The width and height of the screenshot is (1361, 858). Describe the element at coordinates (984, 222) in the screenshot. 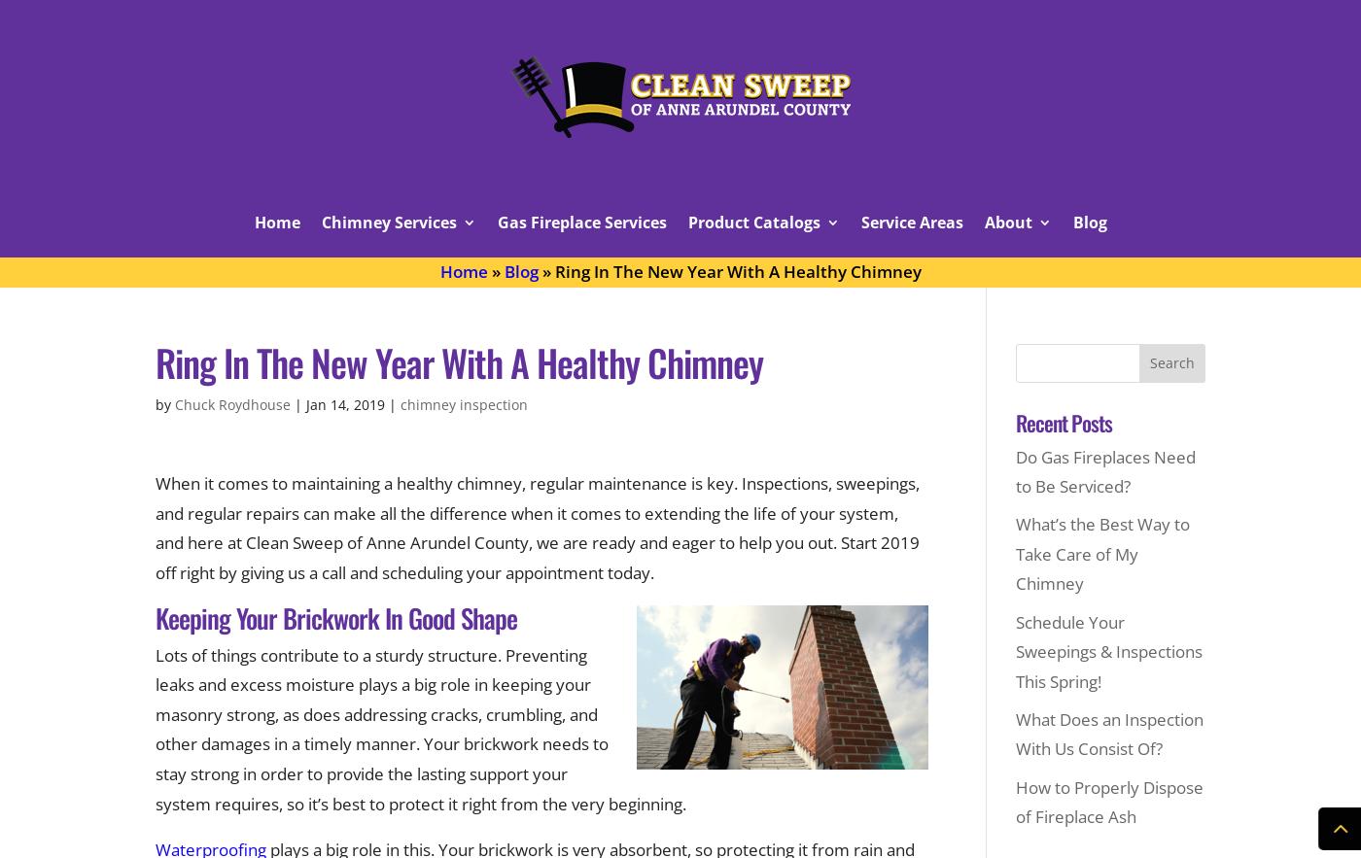

I see `'About'` at that location.